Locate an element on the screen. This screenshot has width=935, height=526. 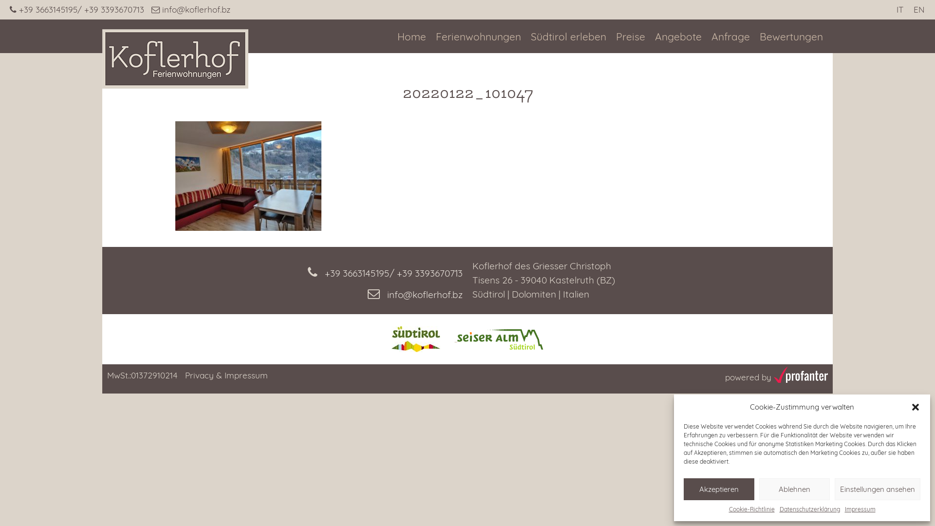
'Ferienwohnungen' is located at coordinates (478, 37).